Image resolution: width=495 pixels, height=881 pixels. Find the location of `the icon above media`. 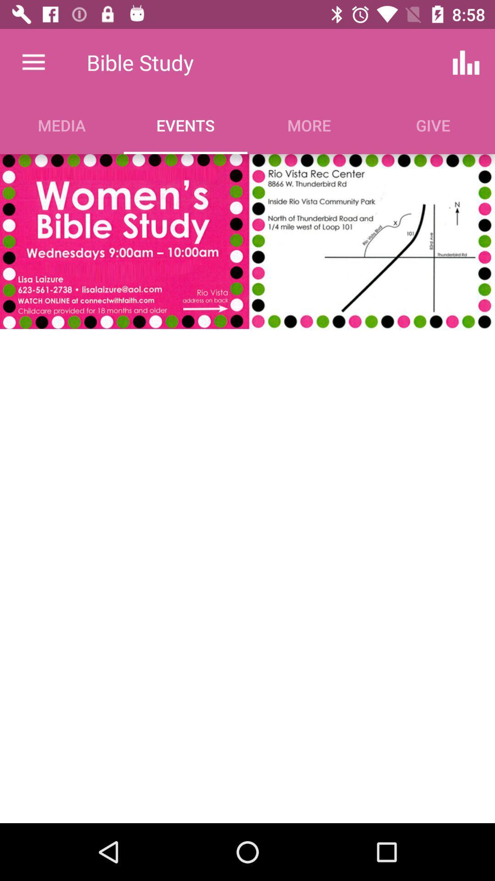

the icon above media is located at coordinates (33, 62).